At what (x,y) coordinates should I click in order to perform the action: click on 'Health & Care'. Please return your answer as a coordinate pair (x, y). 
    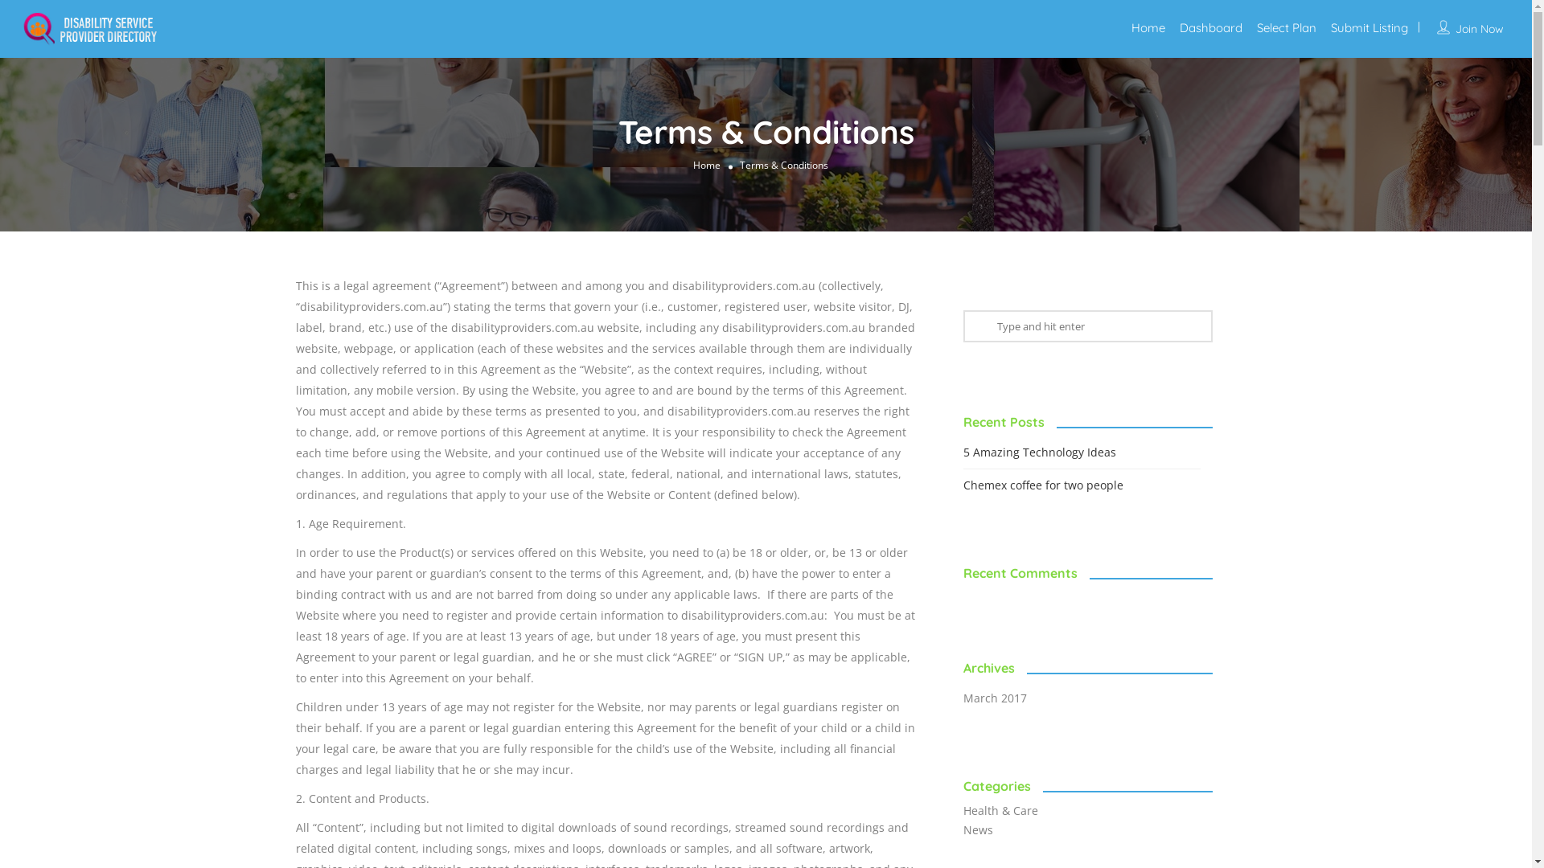
    Looking at the image, I should click on (1008, 810).